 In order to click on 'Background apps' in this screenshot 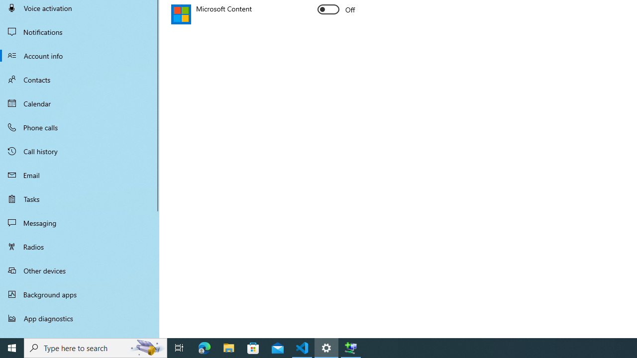, I will do `click(80, 294)`.